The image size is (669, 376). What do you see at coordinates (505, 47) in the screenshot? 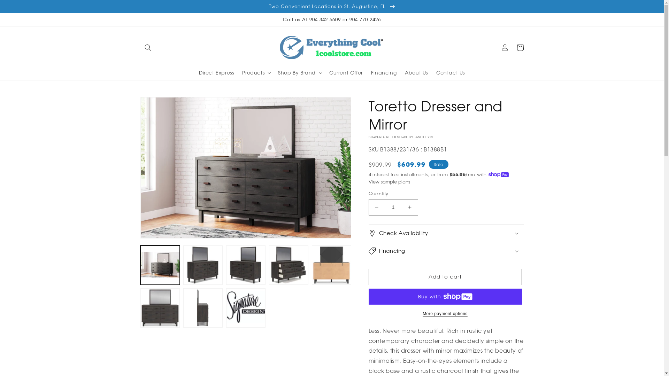
I see `'Log in'` at bounding box center [505, 47].